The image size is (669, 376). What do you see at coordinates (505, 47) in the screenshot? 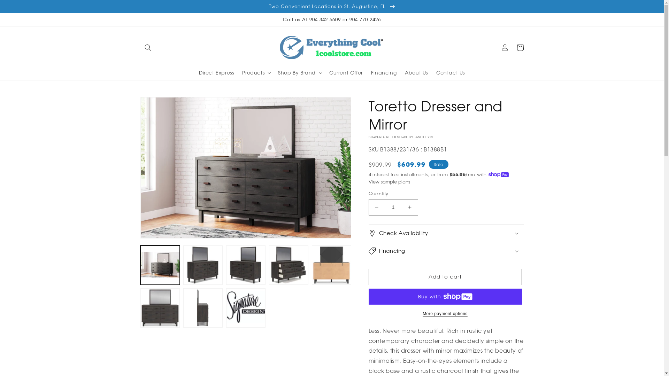
I see `'Log in'` at bounding box center [505, 47].